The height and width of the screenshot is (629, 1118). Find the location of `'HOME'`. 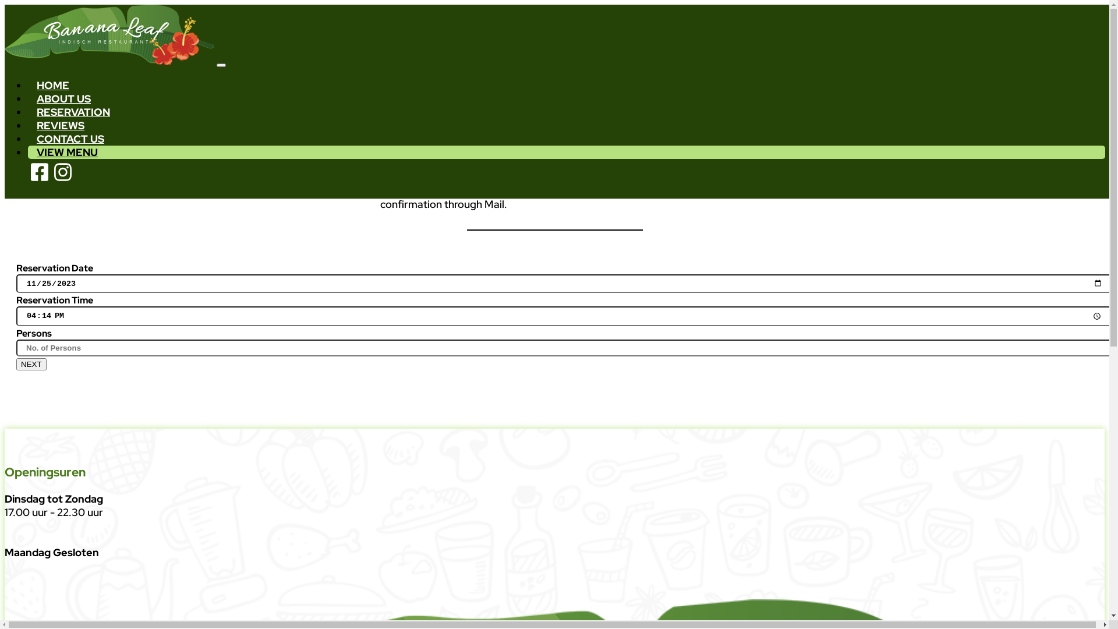

'HOME' is located at coordinates (52, 84).